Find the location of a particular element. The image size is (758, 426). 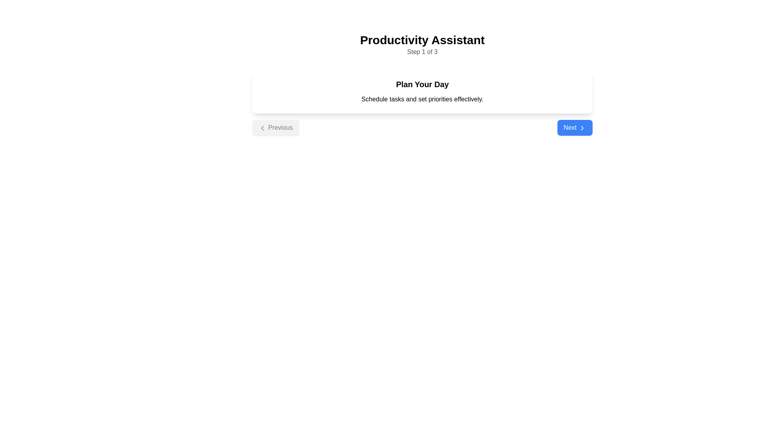

the right-facing chevron icon located on the right side of the 'Next' button with a blue background and white text is located at coordinates (582, 127).